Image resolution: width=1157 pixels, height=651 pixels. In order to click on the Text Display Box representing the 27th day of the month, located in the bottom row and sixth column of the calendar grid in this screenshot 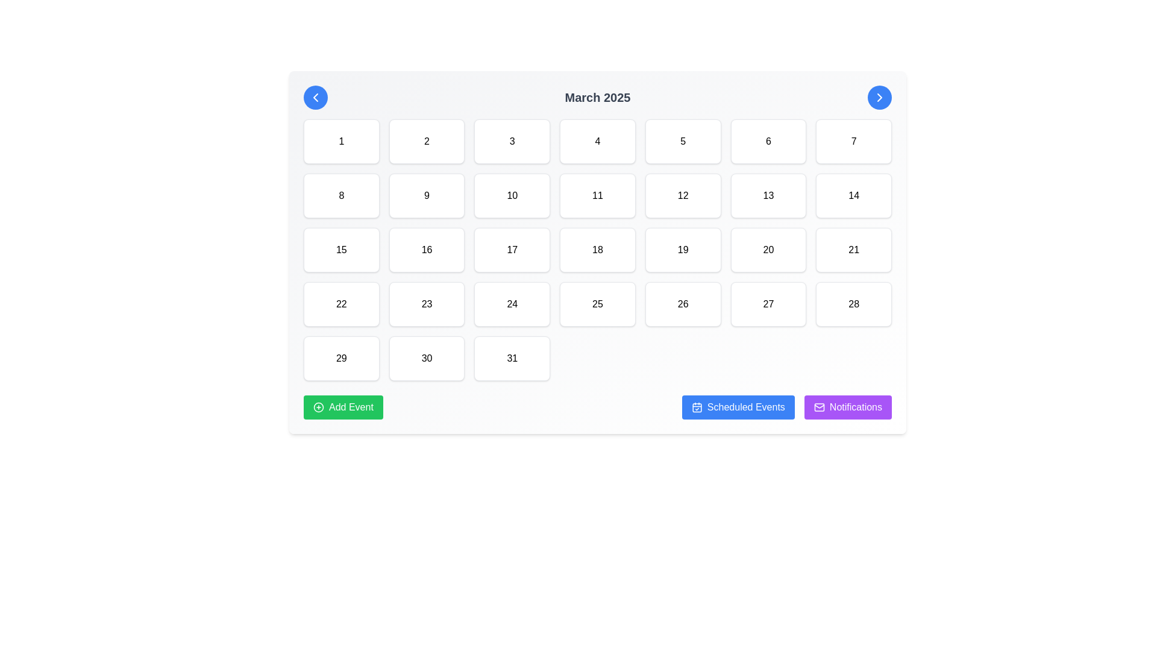, I will do `click(768, 304)`.